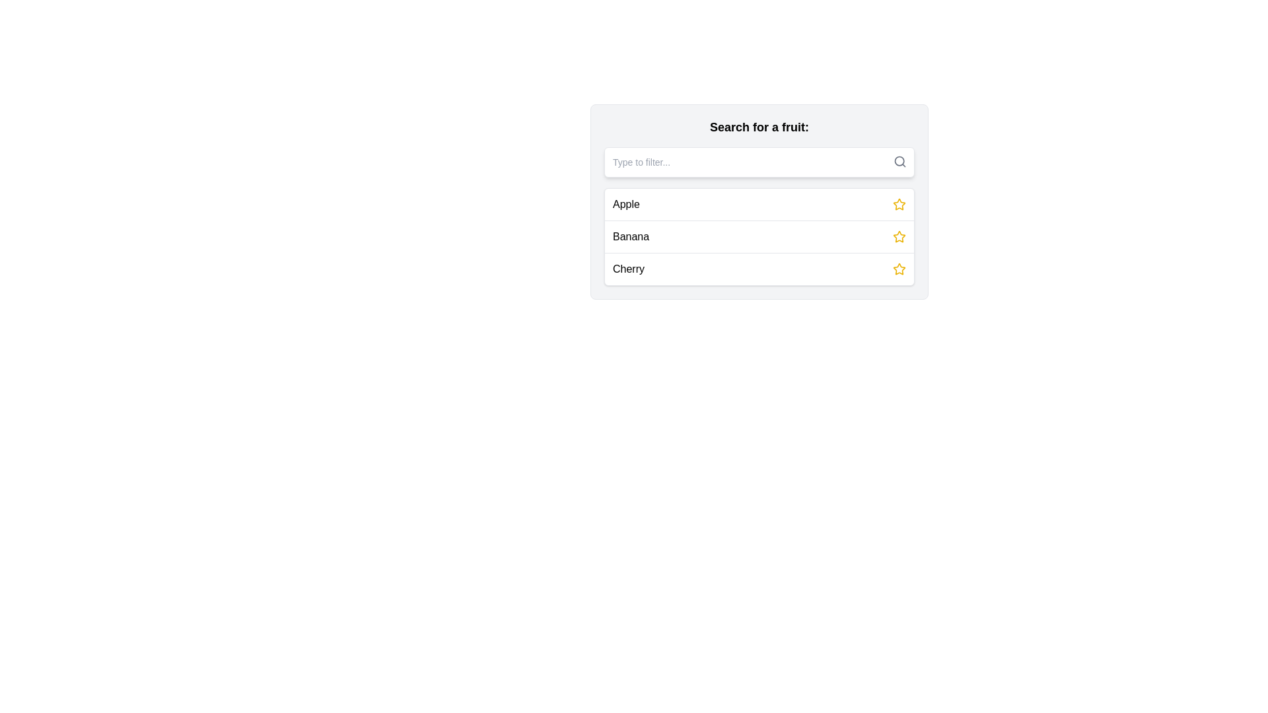 The height and width of the screenshot is (713, 1268). I want to click on the second star icon located to the right of the 'Banana' label, so click(898, 236).